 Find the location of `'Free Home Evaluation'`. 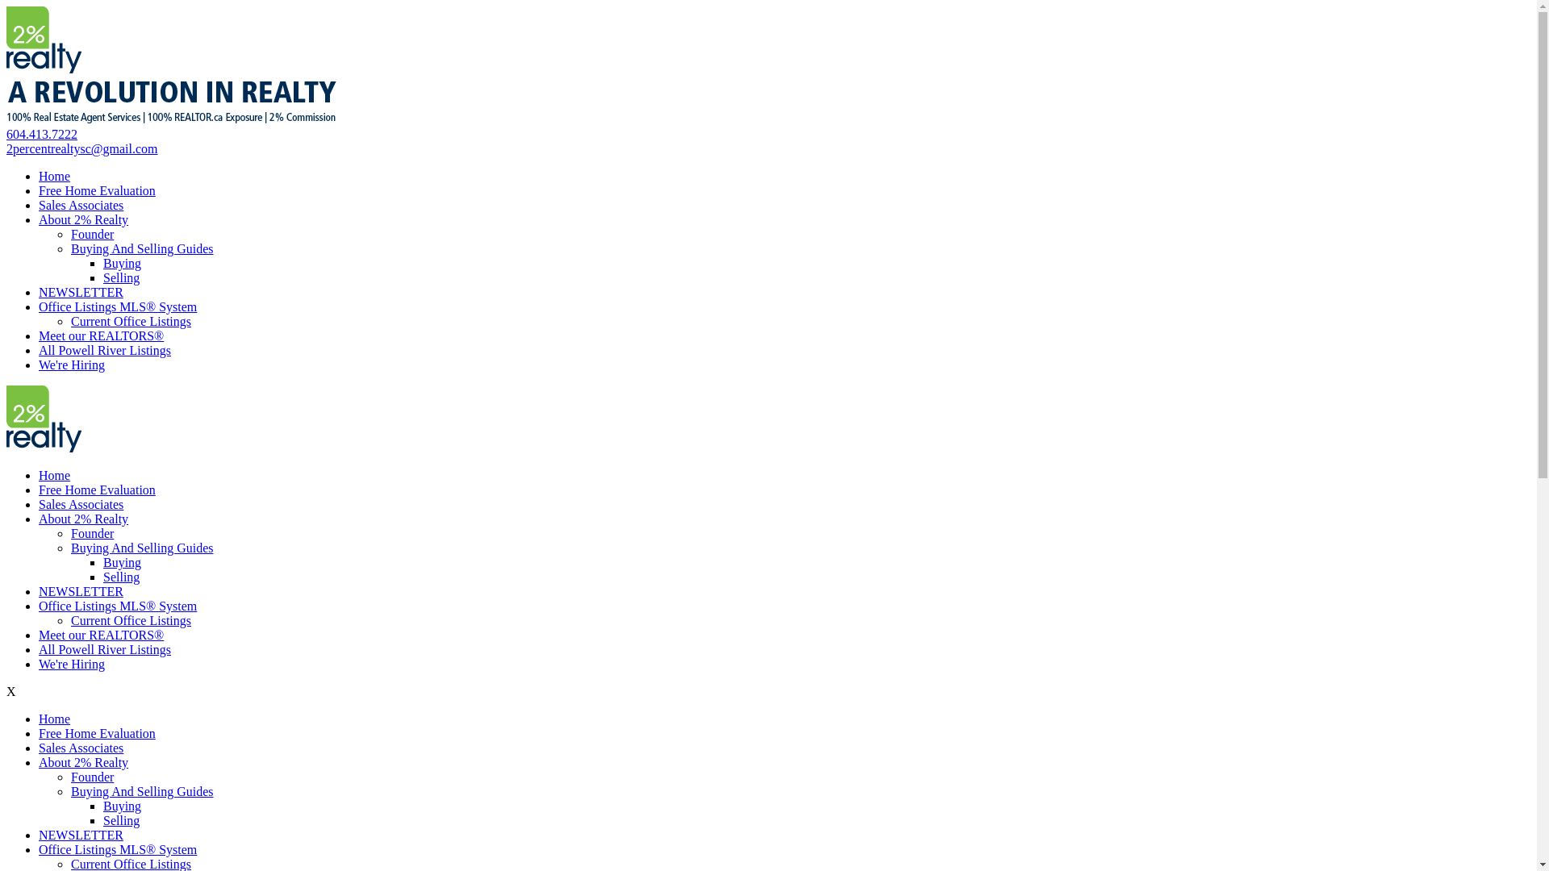

'Free Home Evaluation' is located at coordinates (96, 733).